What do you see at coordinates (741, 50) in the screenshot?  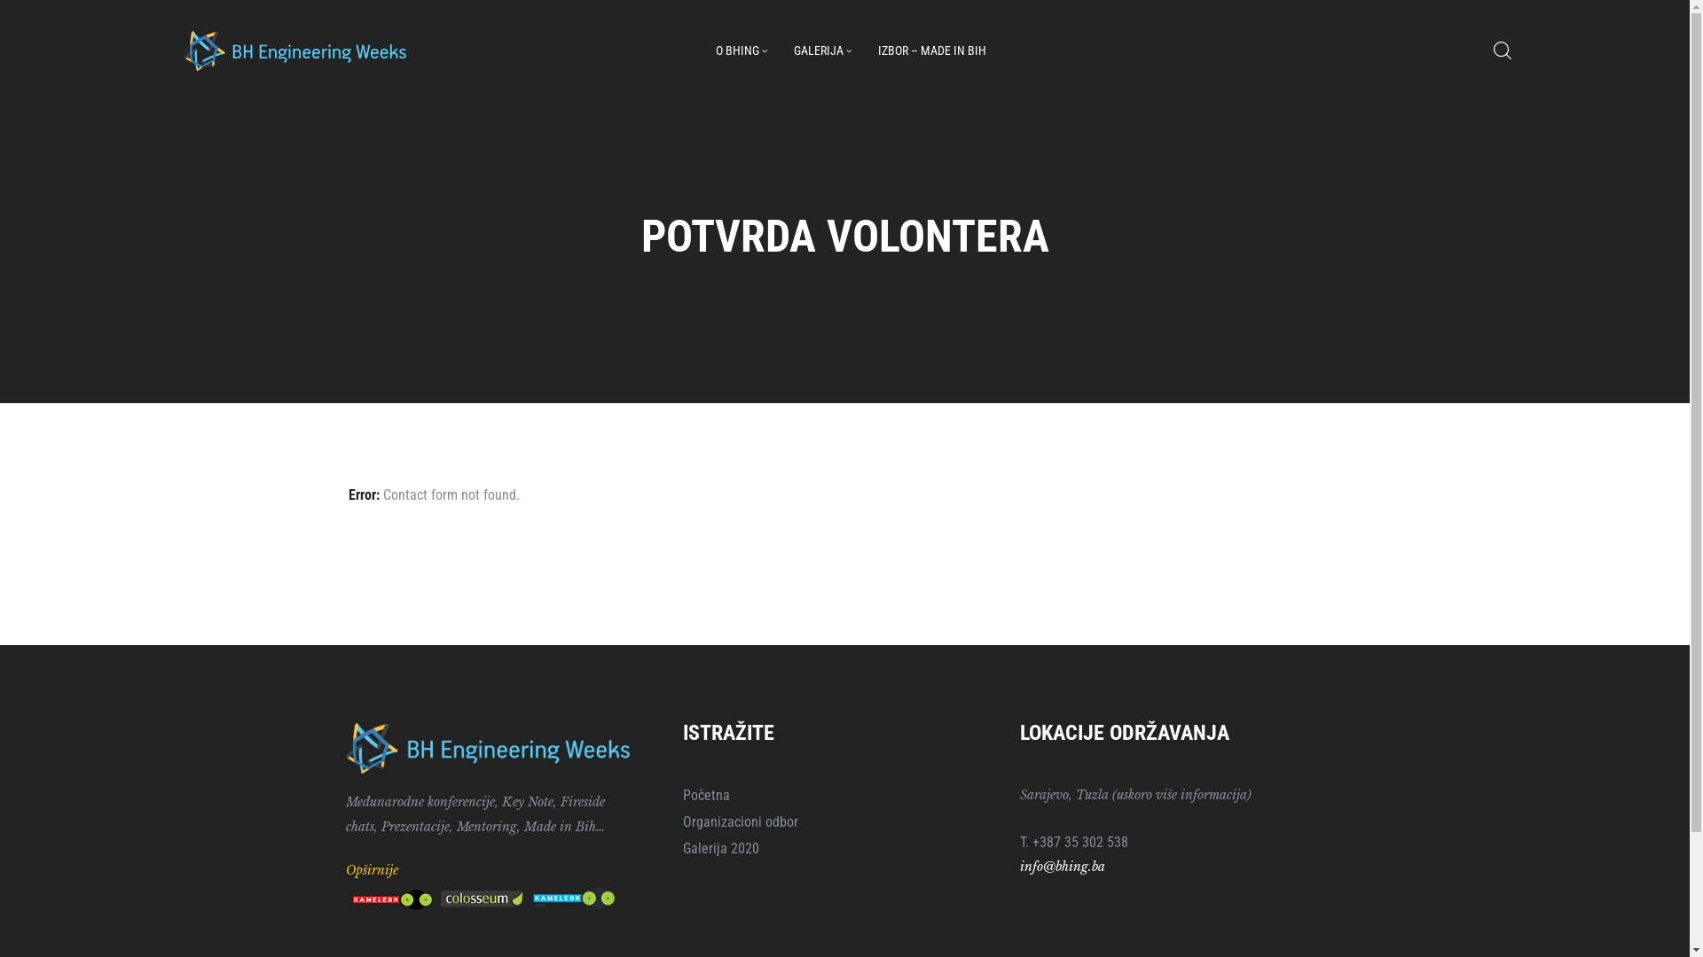 I see `'O BHING'` at bounding box center [741, 50].